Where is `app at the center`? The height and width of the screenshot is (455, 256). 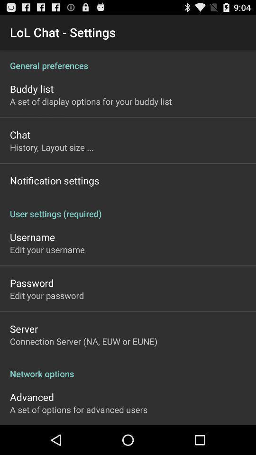
app at the center is located at coordinates (128, 209).